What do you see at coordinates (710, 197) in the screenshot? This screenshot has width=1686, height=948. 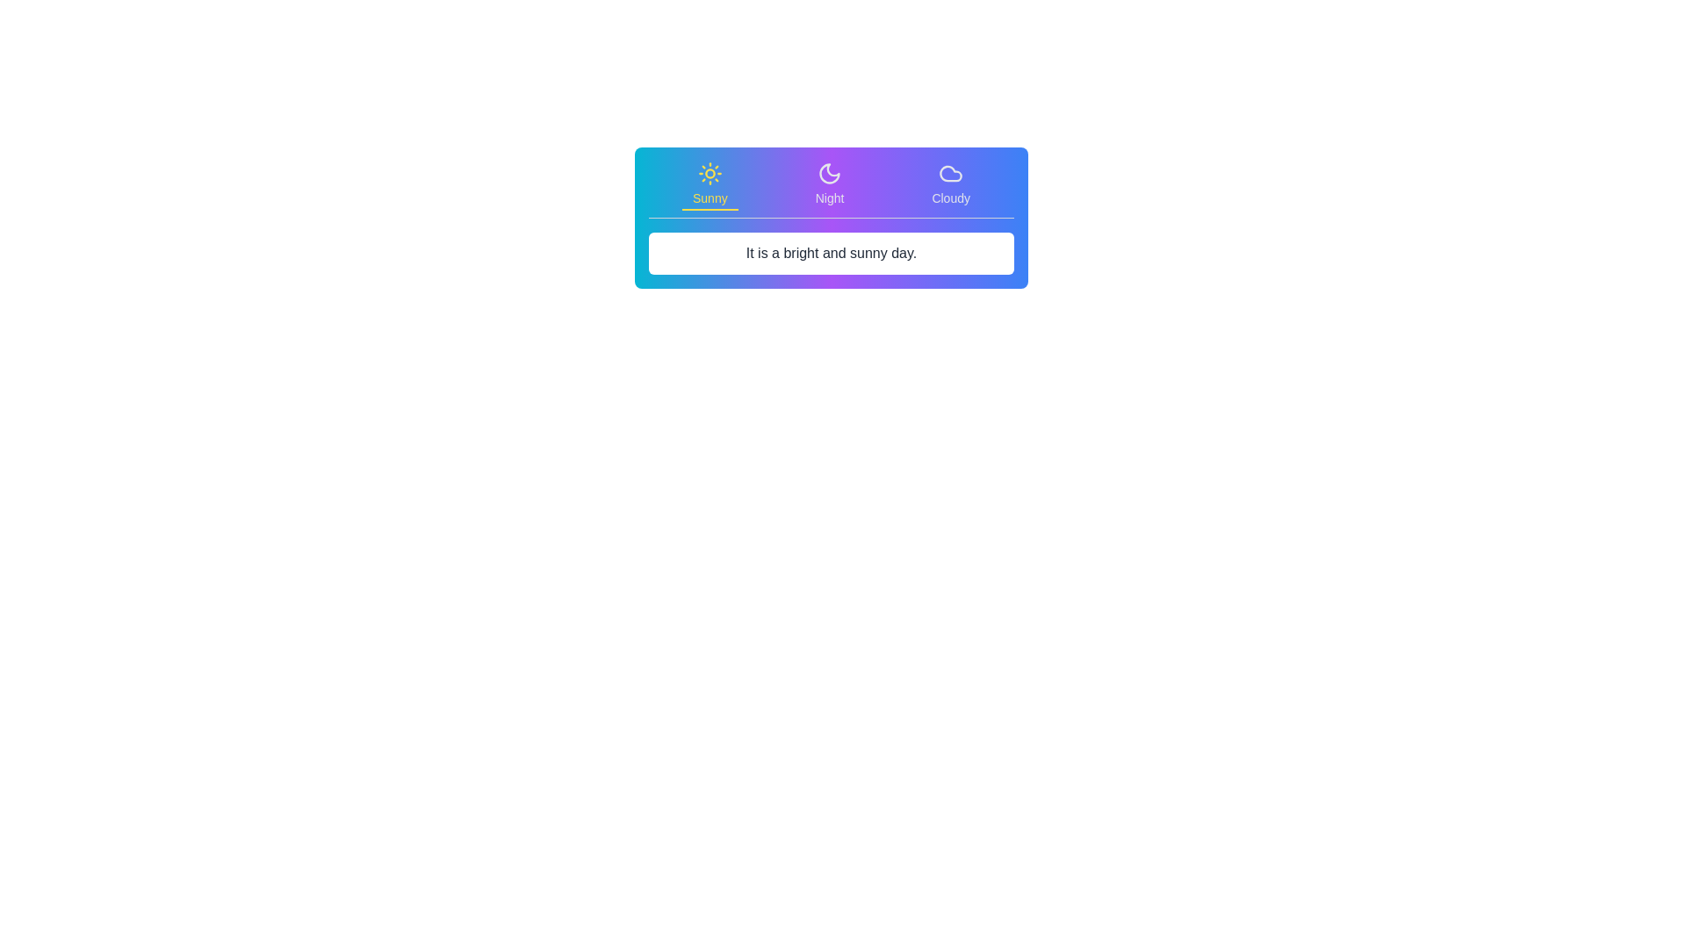 I see `the text label displaying 'Sunny' in bold yellow font, which is positioned below a sun icon and above a separator line` at bounding box center [710, 197].